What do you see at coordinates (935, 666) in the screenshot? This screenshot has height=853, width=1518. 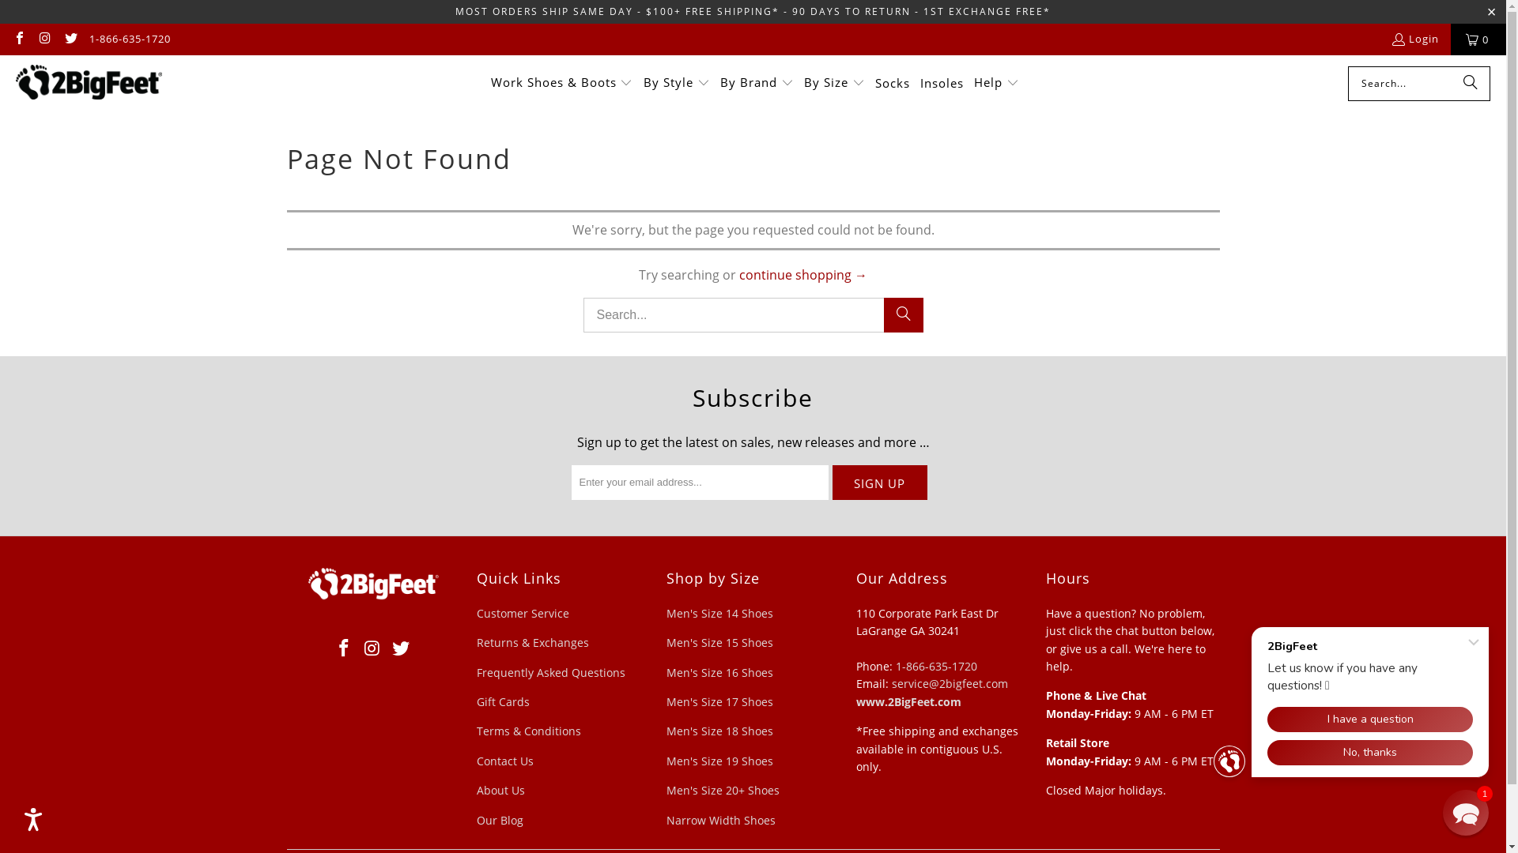 I see `'1-866-635-1720'` at bounding box center [935, 666].